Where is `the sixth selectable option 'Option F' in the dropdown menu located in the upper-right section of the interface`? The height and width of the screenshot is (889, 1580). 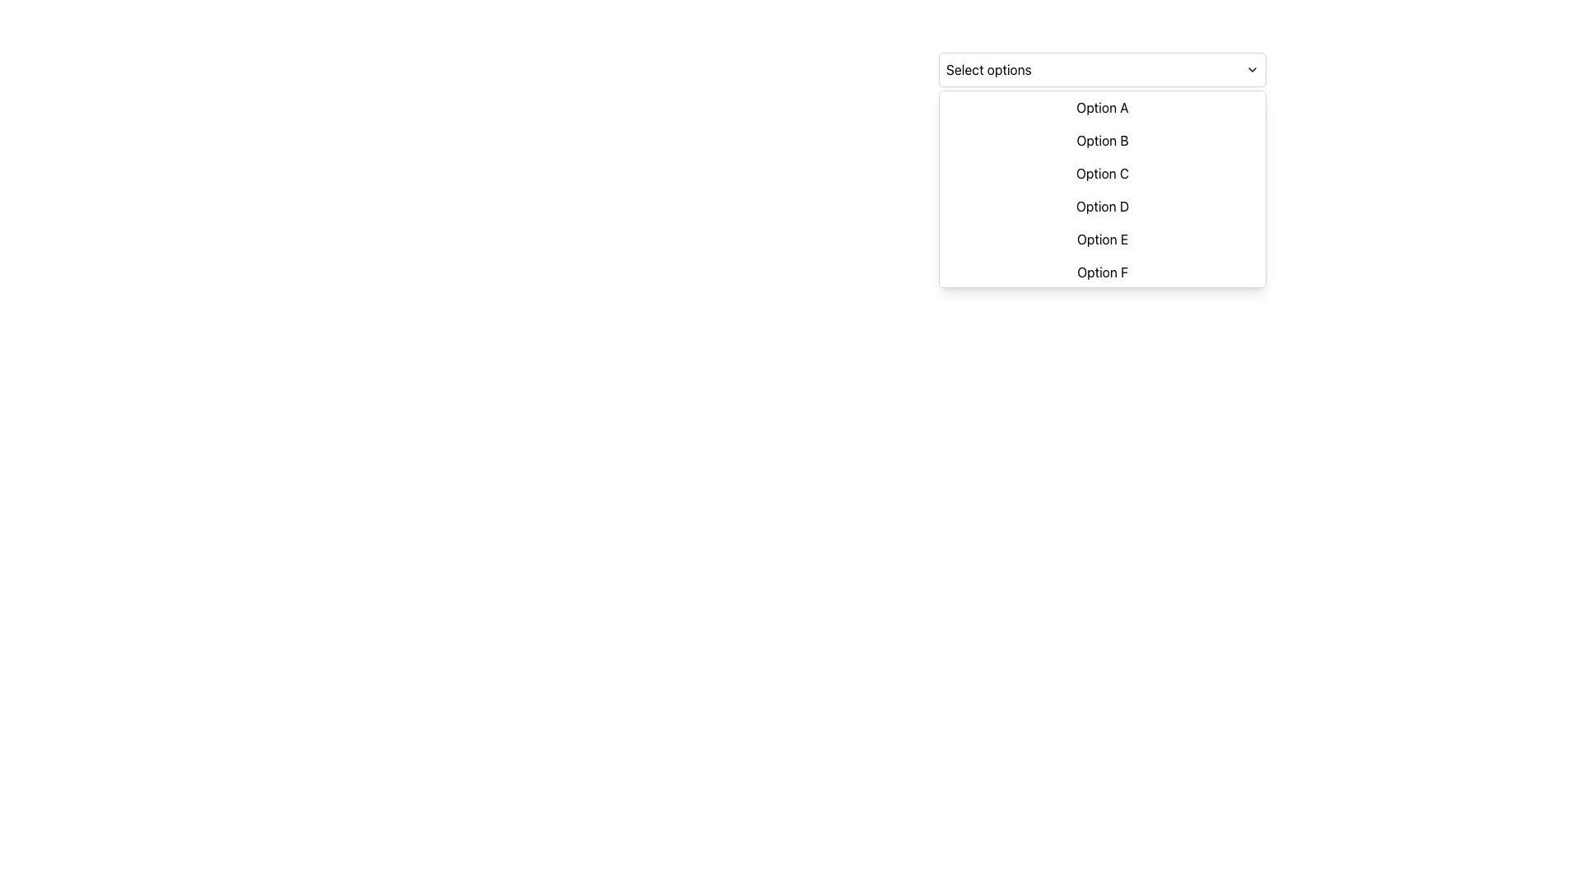 the sixth selectable option 'Option F' in the dropdown menu located in the upper-right section of the interface is located at coordinates (1102, 272).